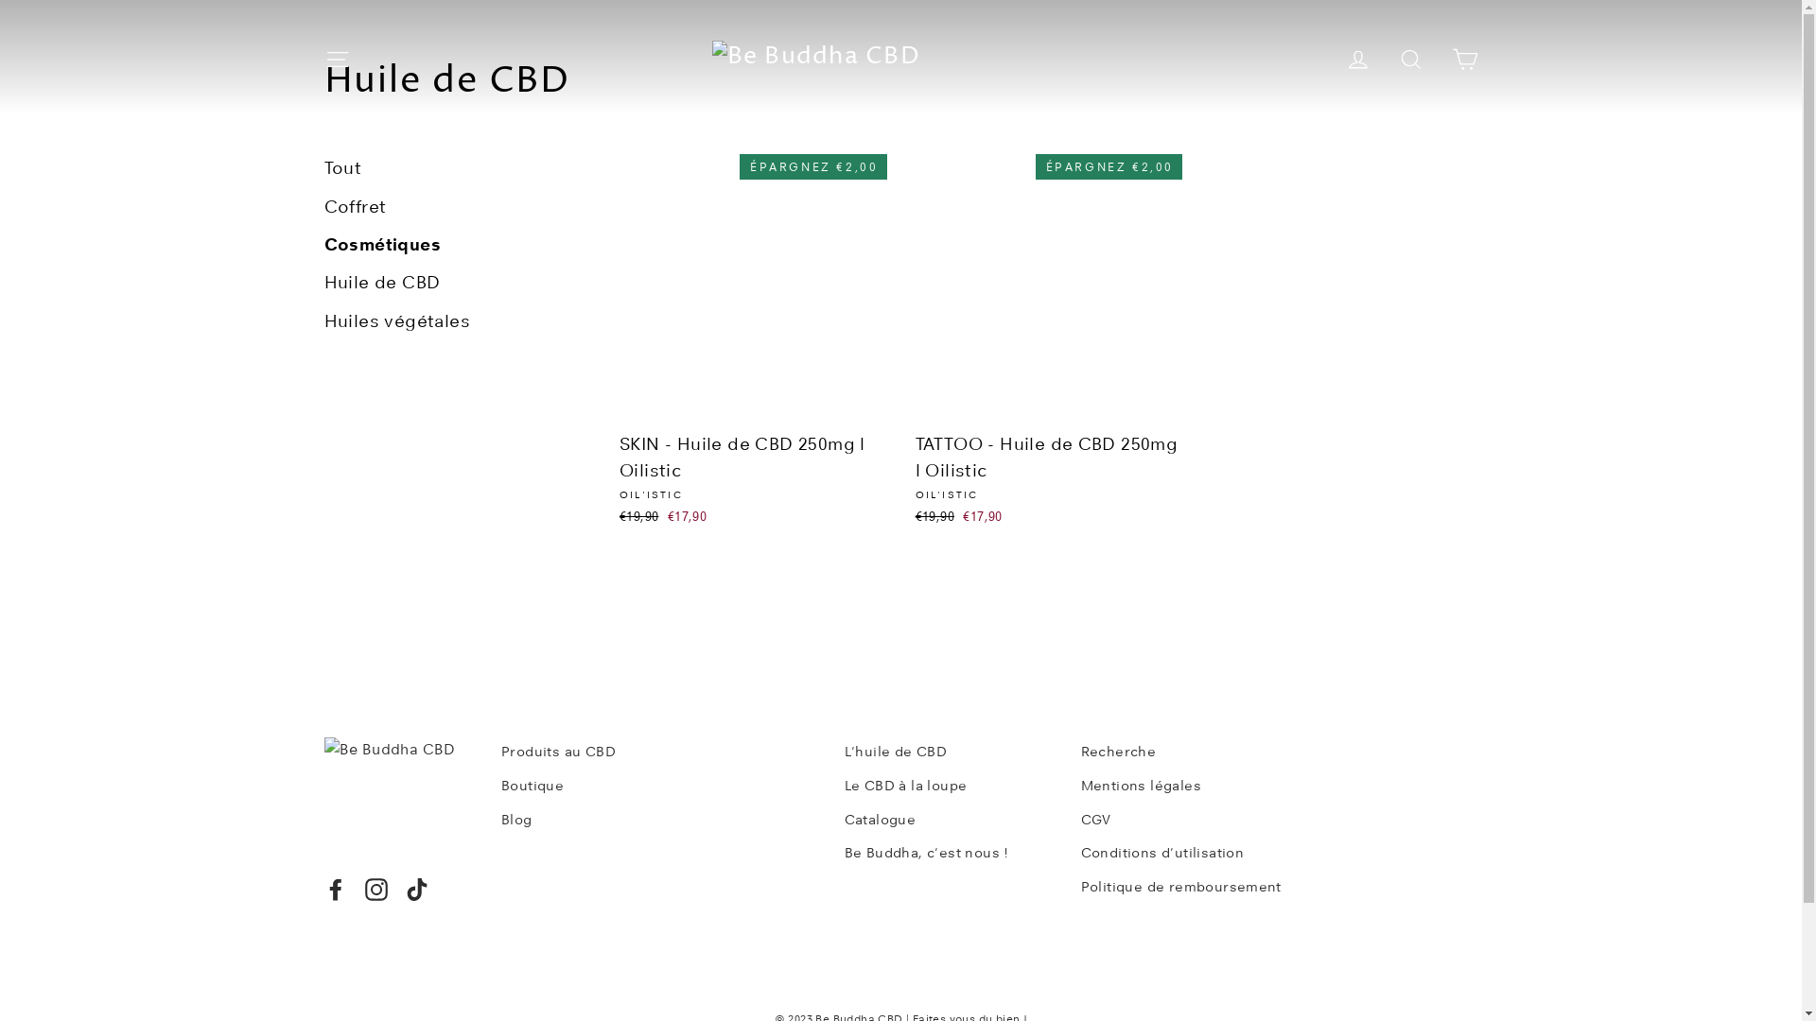 This screenshot has height=1021, width=1816. Describe the element at coordinates (1411, 56) in the screenshot. I see `'Rechercher'` at that location.